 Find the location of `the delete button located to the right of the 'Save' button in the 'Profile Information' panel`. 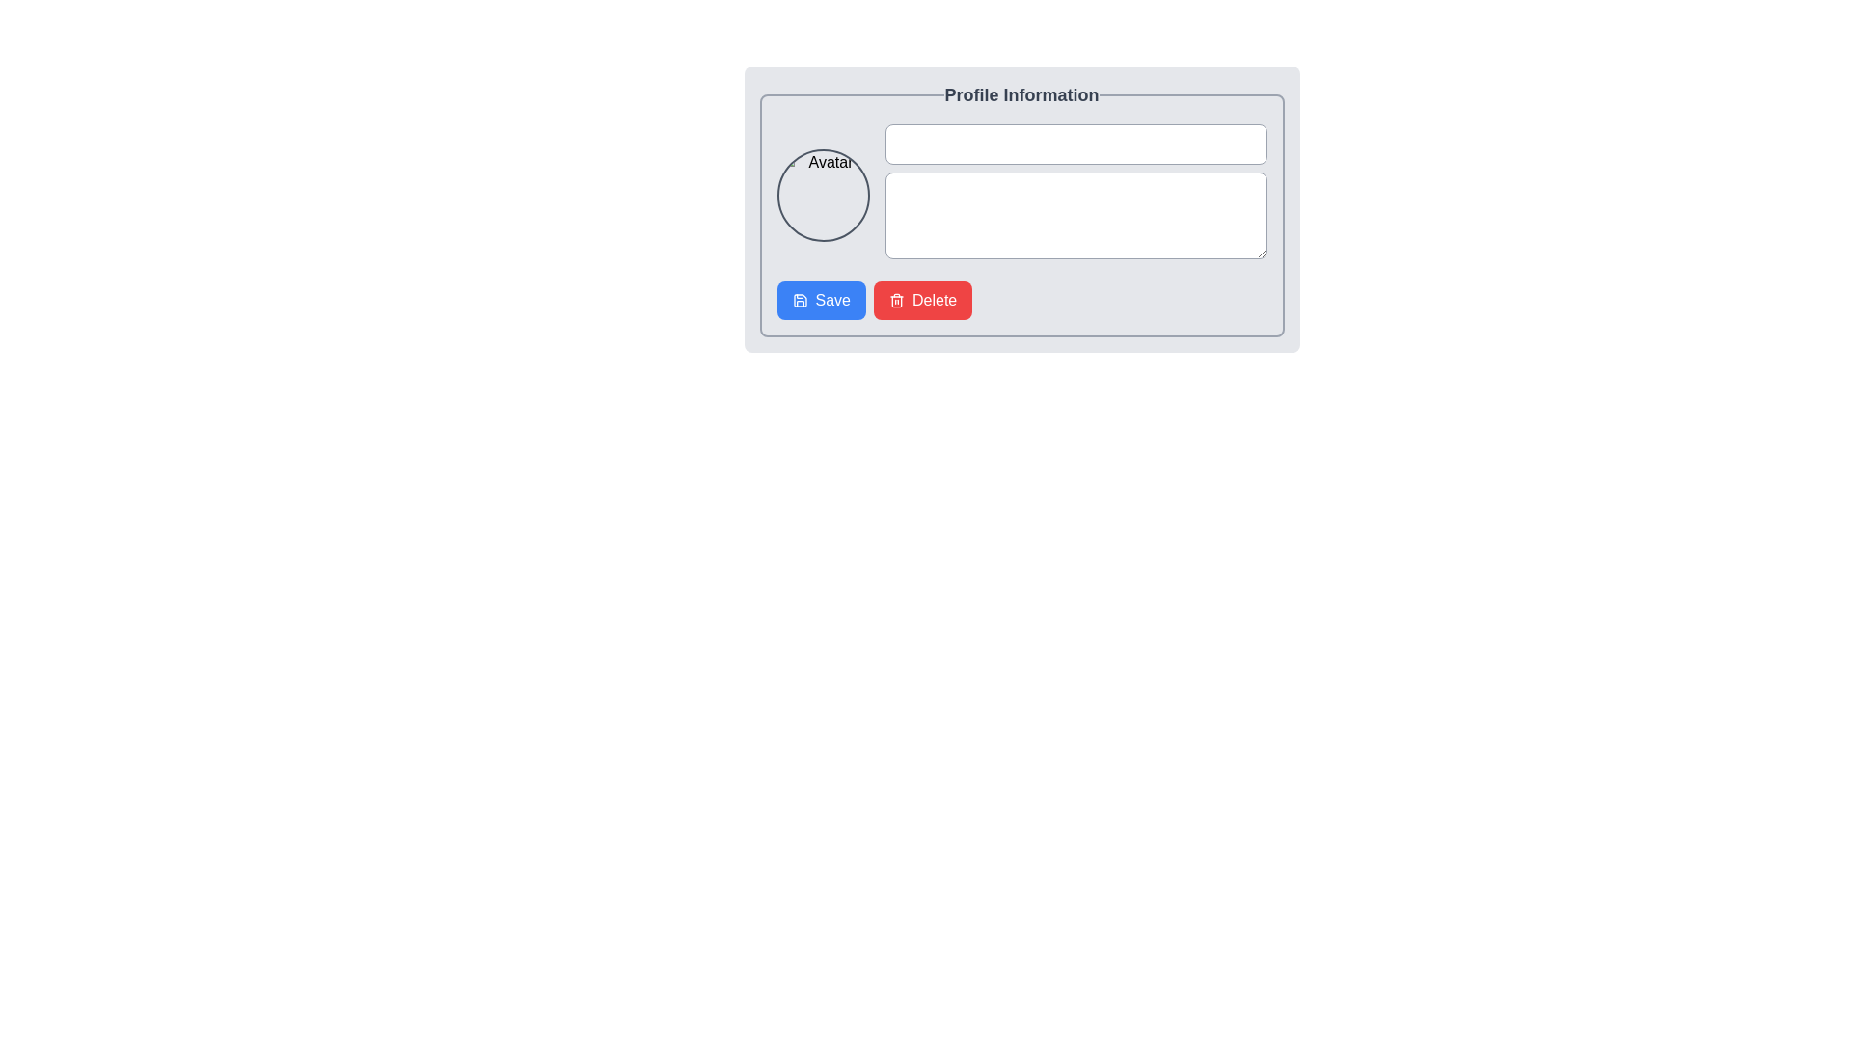

the delete button located to the right of the 'Save' button in the 'Profile Information' panel is located at coordinates (922, 301).